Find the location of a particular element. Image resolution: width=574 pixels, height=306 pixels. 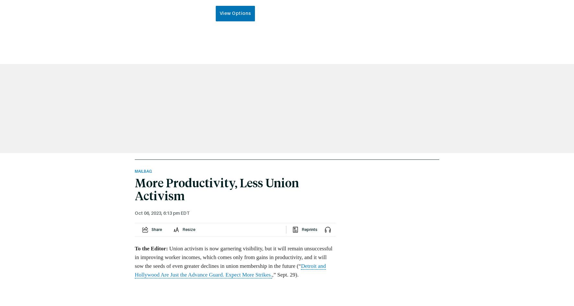

'More Productivity, Less Union Activism' is located at coordinates (216, 190).